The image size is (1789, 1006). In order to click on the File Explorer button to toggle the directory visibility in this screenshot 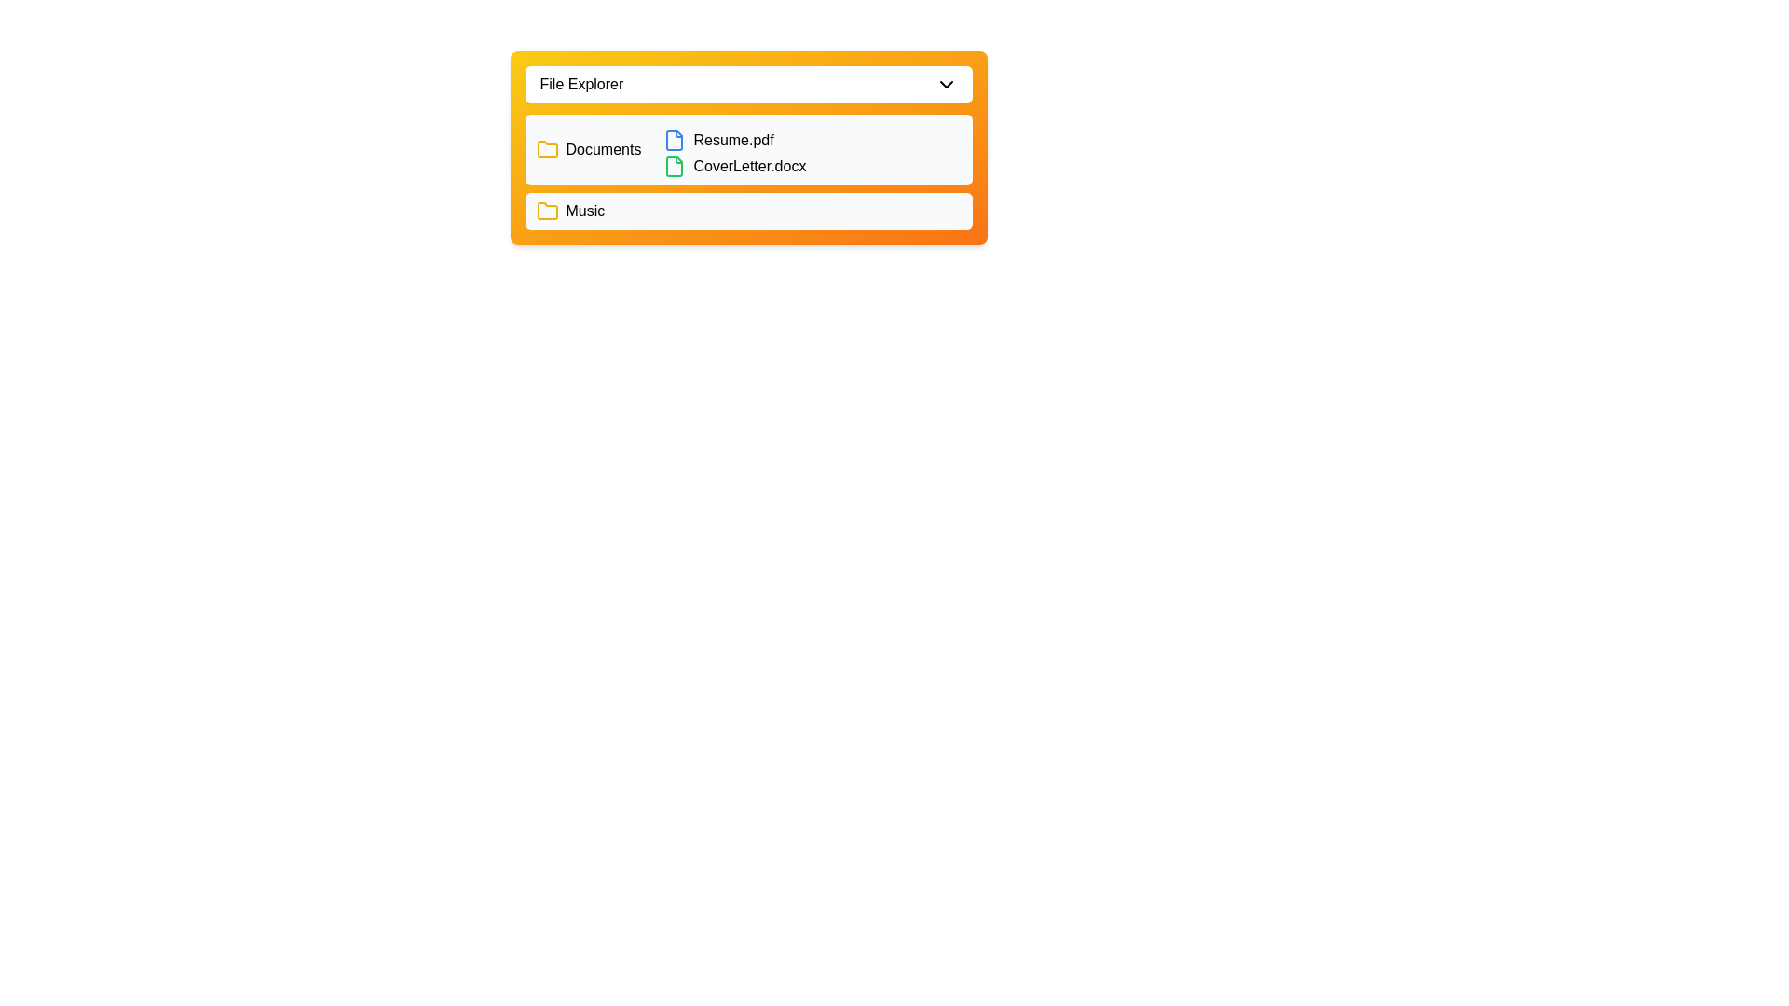, I will do `click(748, 85)`.